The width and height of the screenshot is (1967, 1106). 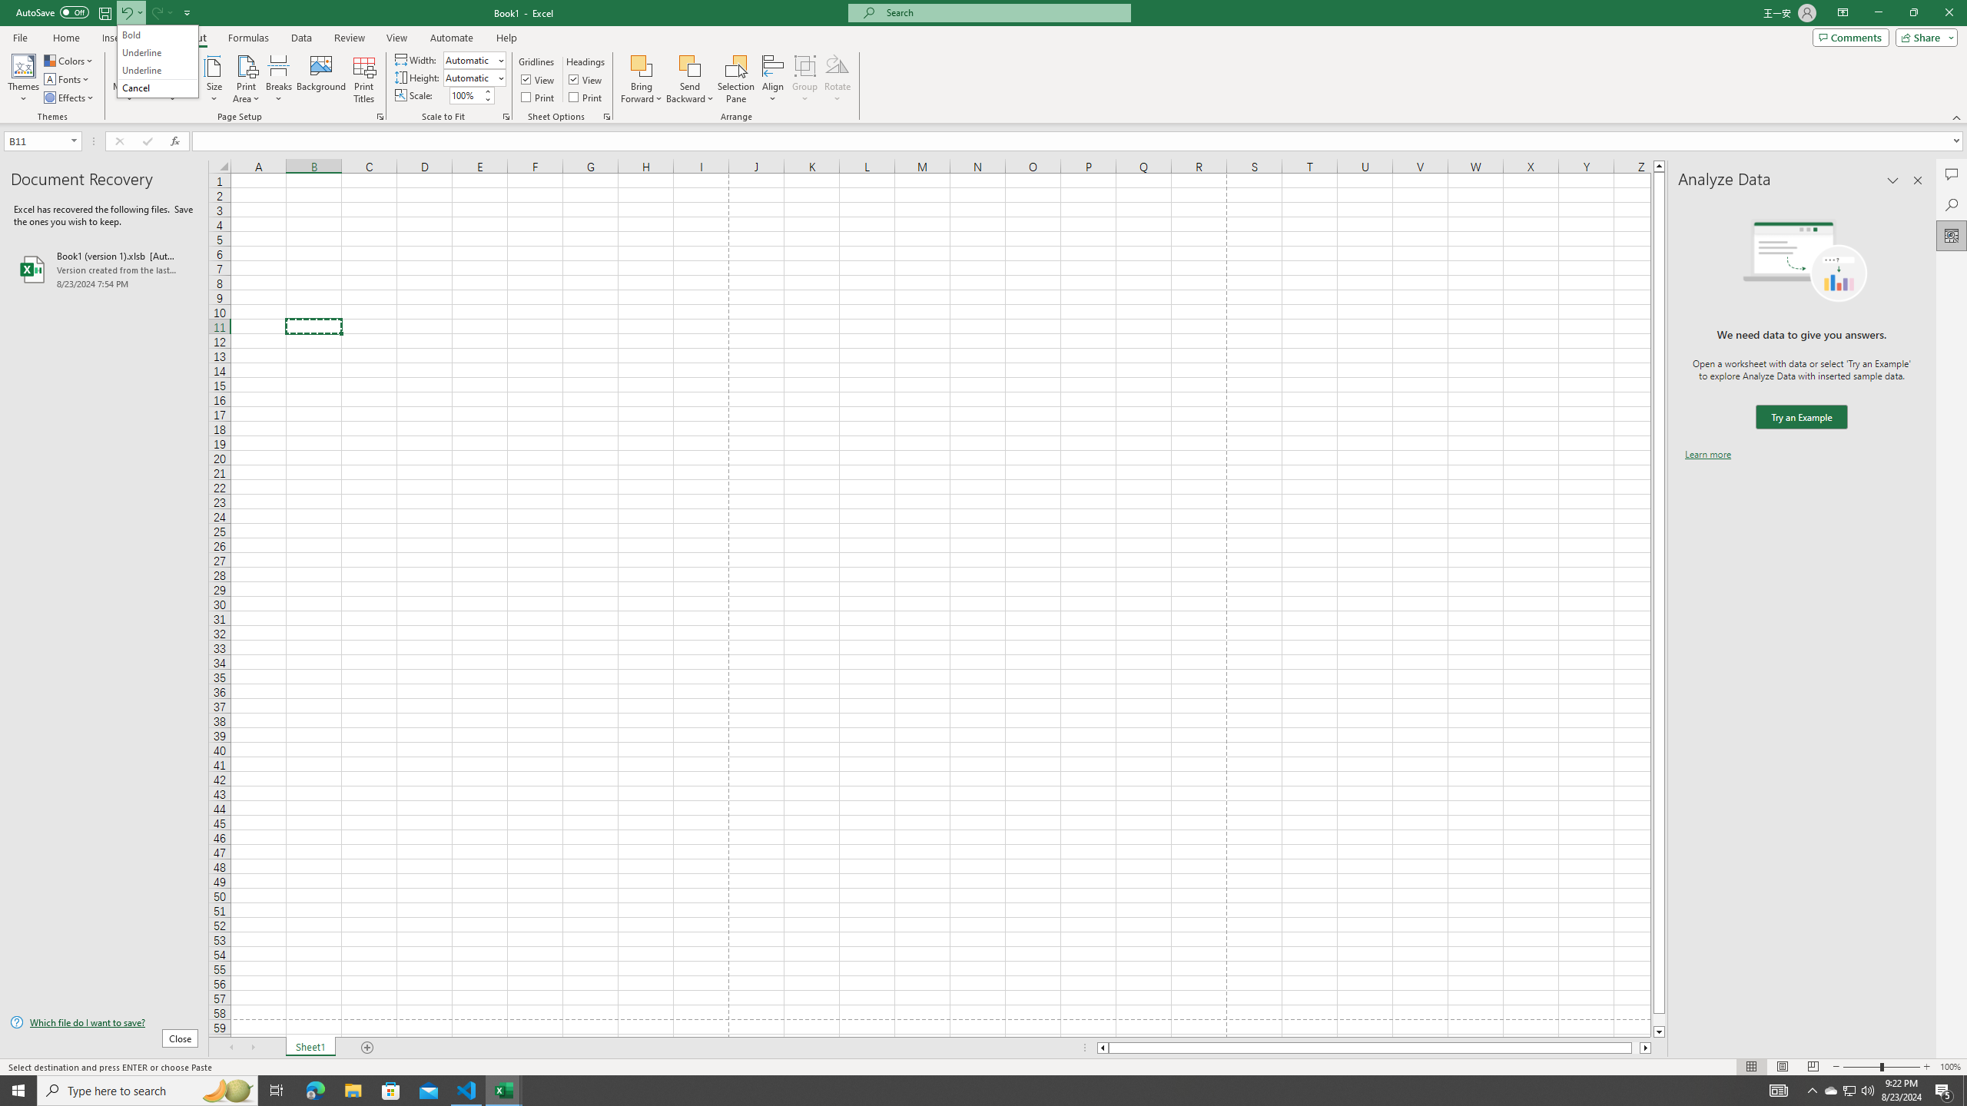 What do you see at coordinates (837, 79) in the screenshot?
I see `'Rotate'` at bounding box center [837, 79].